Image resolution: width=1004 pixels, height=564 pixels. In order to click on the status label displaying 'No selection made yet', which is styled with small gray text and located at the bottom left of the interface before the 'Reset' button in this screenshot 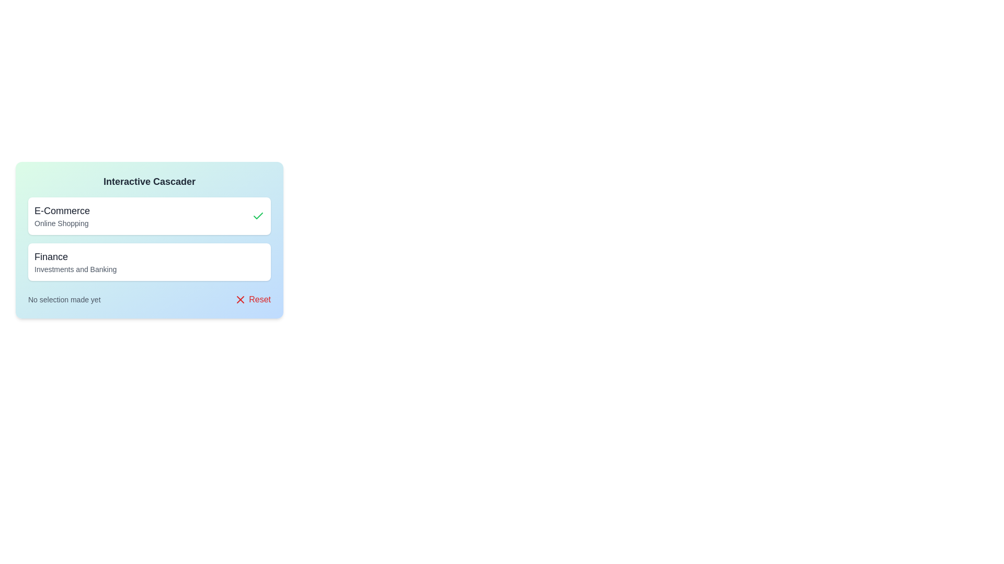, I will do `click(64, 300)`.